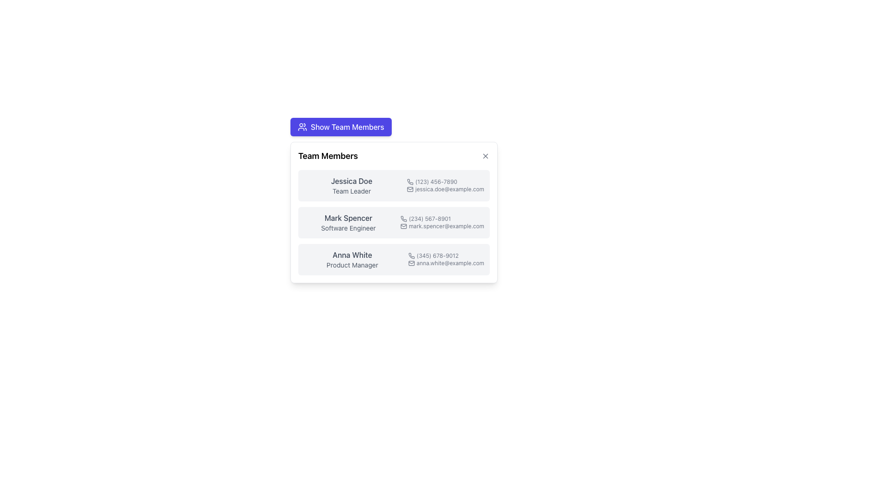  What do you see at coordinates (442, 219) in the screenshot?
I see `the phone number text element located in the second row of the team members' contact details list, styled with a gray color and small font size, next to a phone icon and under the name 'Mark Spencer'` at bounding box center [442, 219].